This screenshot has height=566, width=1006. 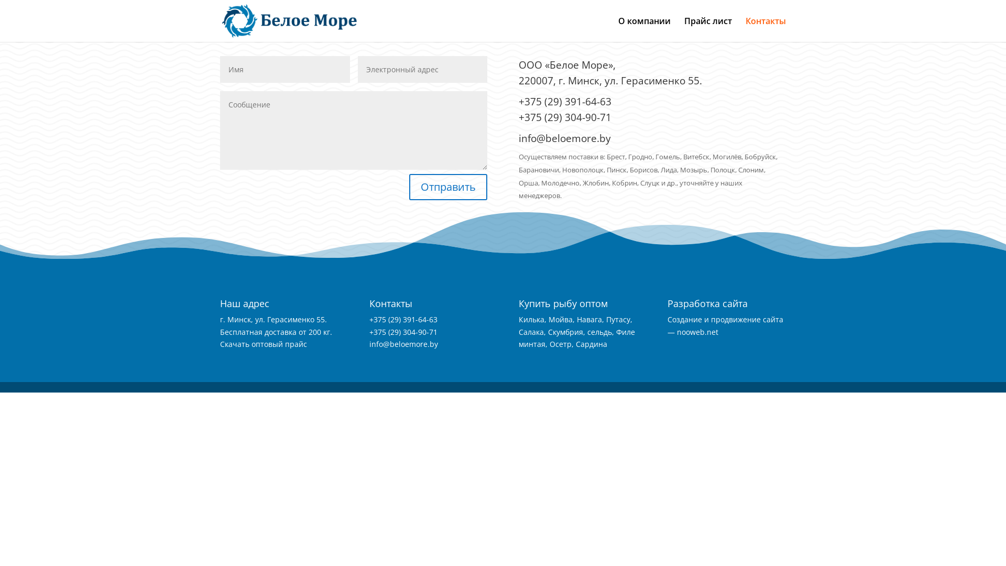 I want to click on '+375 (29) 391-64-63, so click(x=564, y=109).